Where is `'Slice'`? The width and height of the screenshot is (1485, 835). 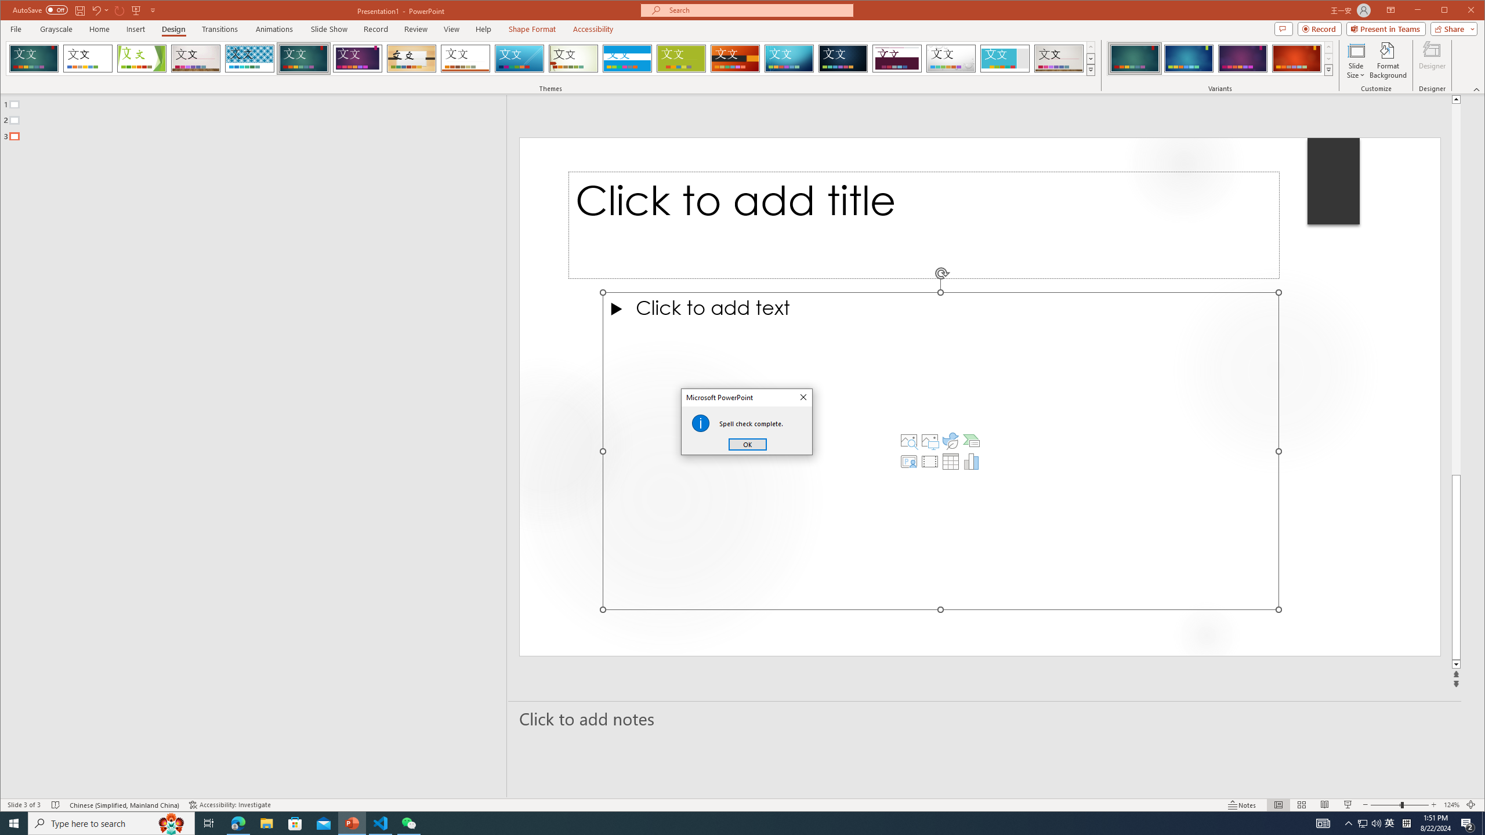
'Slice' is located at coordinates (520, 58).